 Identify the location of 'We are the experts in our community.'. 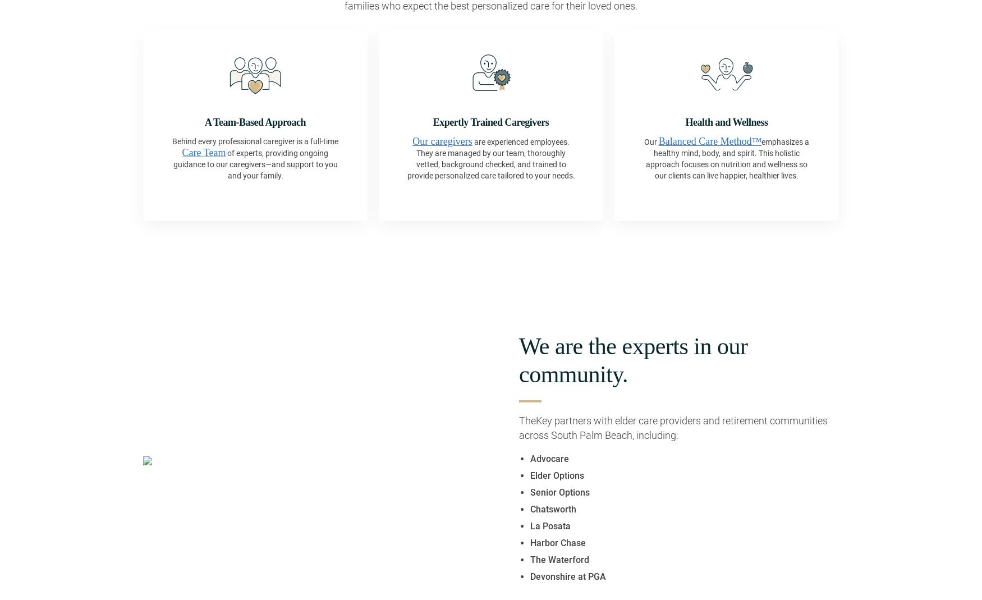
(518, 359).